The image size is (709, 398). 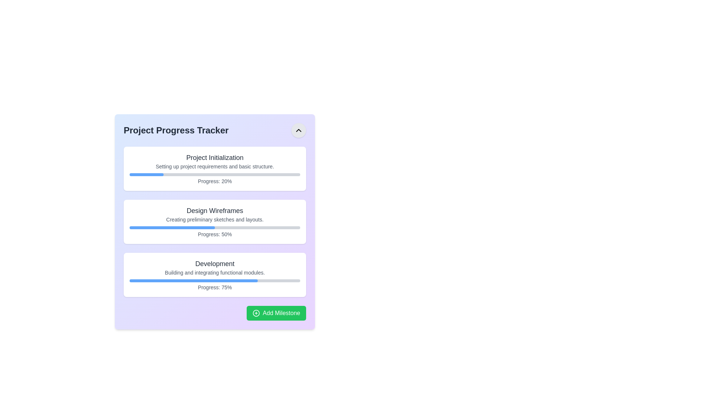 What do you see at coordinates (214, 157) in the screenshot?
I see `title text 'Project Initialization' displayed in bold dark gray font at the top of the milestone box` at bounding box center [214, 157].